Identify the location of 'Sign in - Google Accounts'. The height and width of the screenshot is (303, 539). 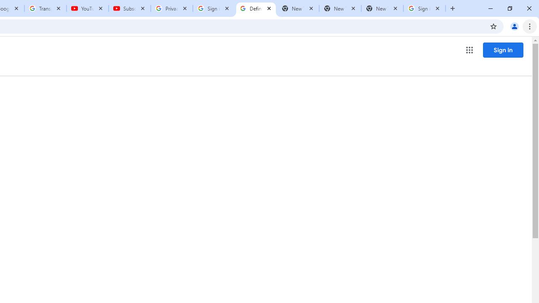
(424, 8).